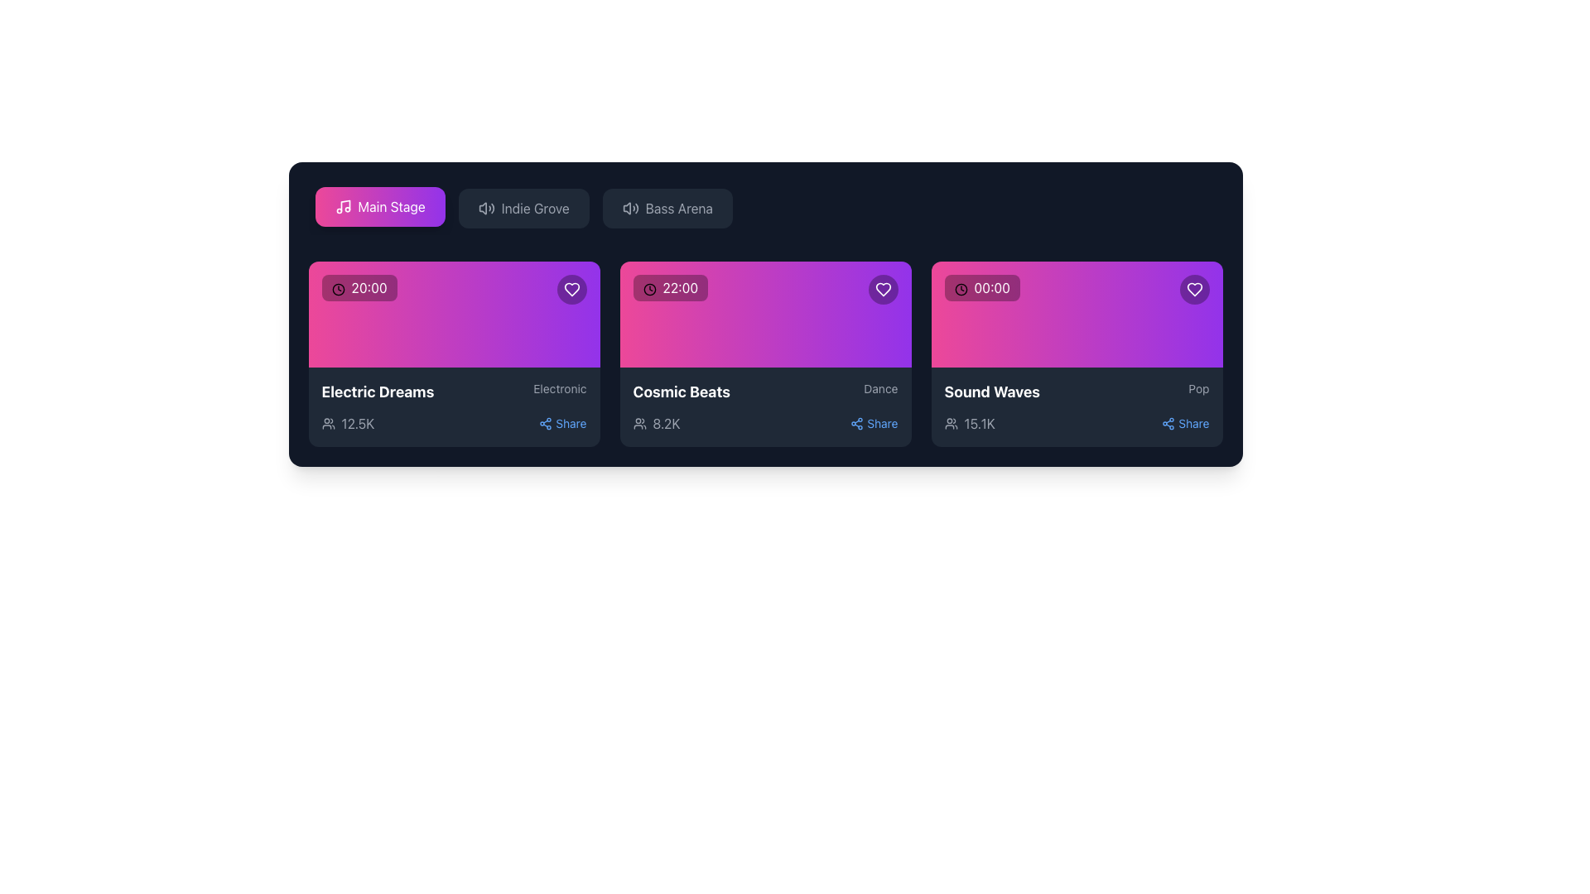 The image size is (1590, 894). What do you see at coordinates (571, 423) in the screenshot?
I see `the 'Share' text label, which is styled in blue and associated with a sharing icon on its left, located at the bottom right corner of the first card in a horizontal list` at bounding box center [571, 423].